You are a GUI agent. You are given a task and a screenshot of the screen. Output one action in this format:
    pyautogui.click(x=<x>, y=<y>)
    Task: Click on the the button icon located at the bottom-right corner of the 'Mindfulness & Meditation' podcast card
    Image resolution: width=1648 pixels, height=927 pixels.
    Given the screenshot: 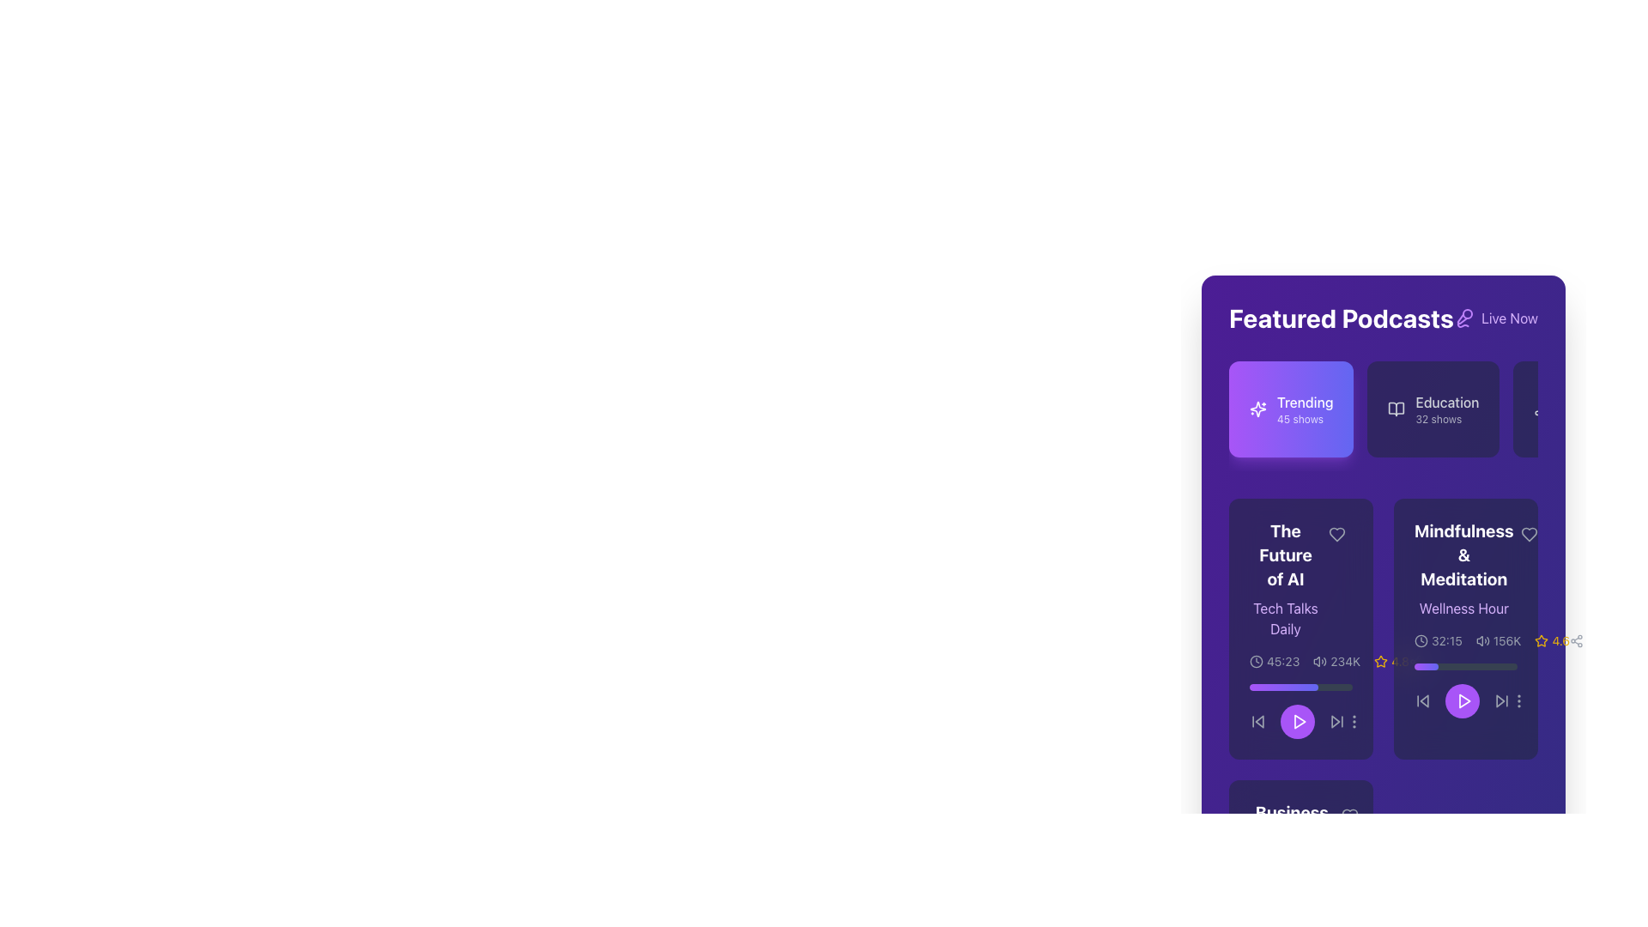 What is the action you would take?
    pyautogui.click(x=1519, y=701)
    